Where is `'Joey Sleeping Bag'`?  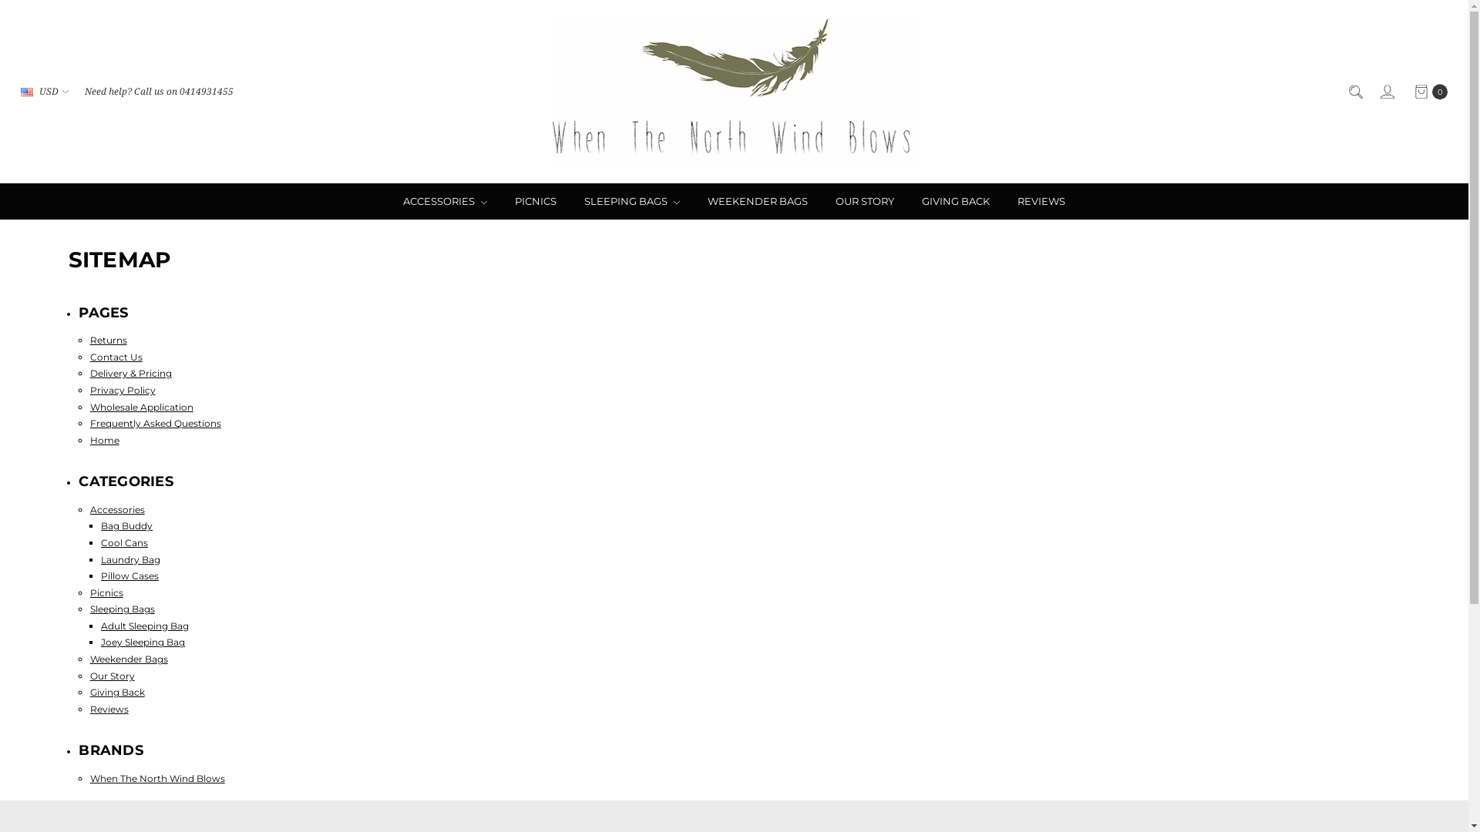 'Joey Sleeping Bag' is located at coordinates (143, 642).